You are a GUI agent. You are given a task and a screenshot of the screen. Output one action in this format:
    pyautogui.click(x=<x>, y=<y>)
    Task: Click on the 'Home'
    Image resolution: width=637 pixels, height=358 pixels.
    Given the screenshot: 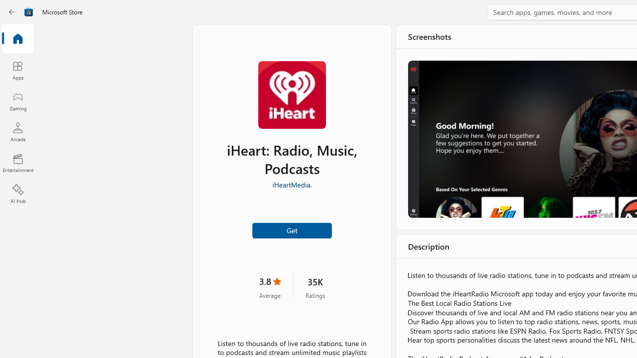 What is the action you would take?
    pyautogui.click(x=17, y=39)
    